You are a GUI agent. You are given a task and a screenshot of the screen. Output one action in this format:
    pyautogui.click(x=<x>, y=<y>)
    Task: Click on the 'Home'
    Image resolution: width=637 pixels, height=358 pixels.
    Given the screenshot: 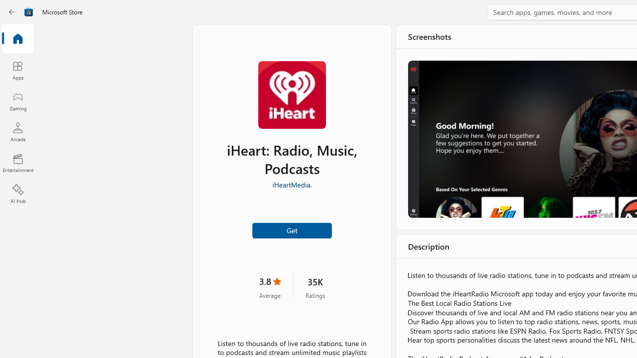 What is the action you would take?
    pyautogui.click(x=17, y=39)
    